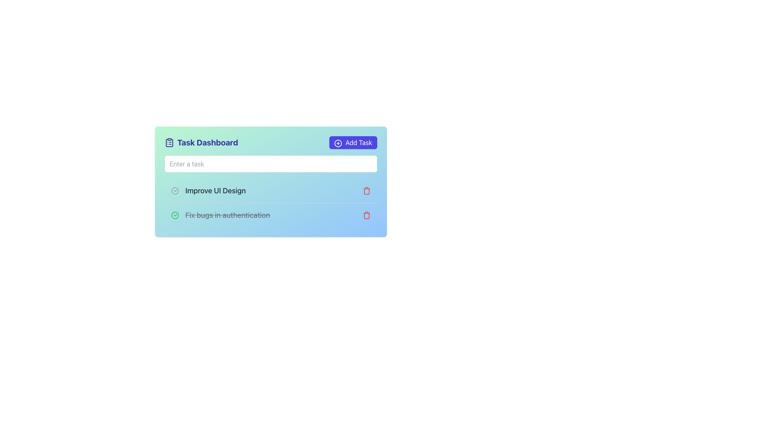  Describe the element at coordinates (174, 190) in the screenshot. I see `the button located to the left of the text 'Improve UI Design' to mark the task as complete` at that location.